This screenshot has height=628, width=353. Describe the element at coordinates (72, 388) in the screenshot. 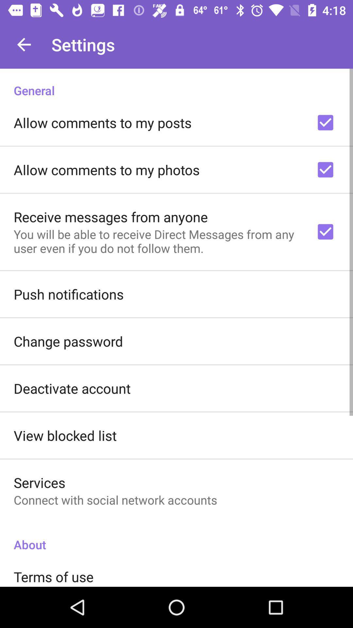

I see `the deactivate account` at that location.